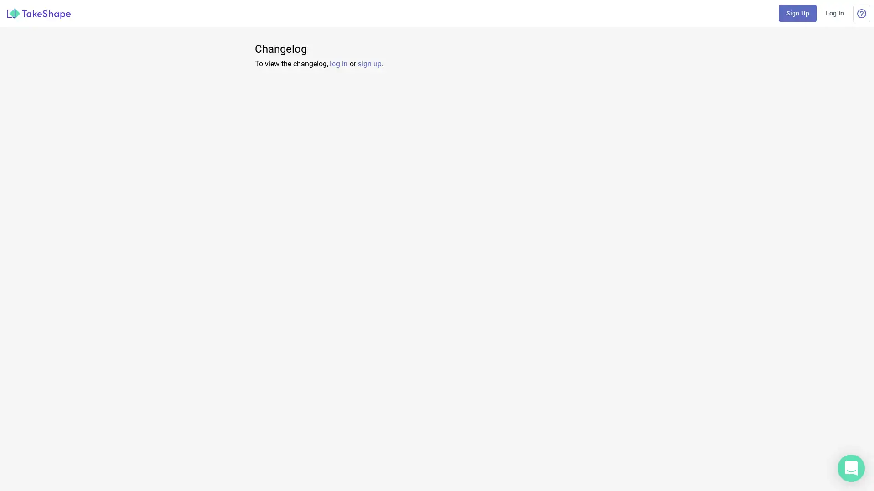 The height and width of the screenshot is (491, 874). I want to click on Log In, so click(834, 13).